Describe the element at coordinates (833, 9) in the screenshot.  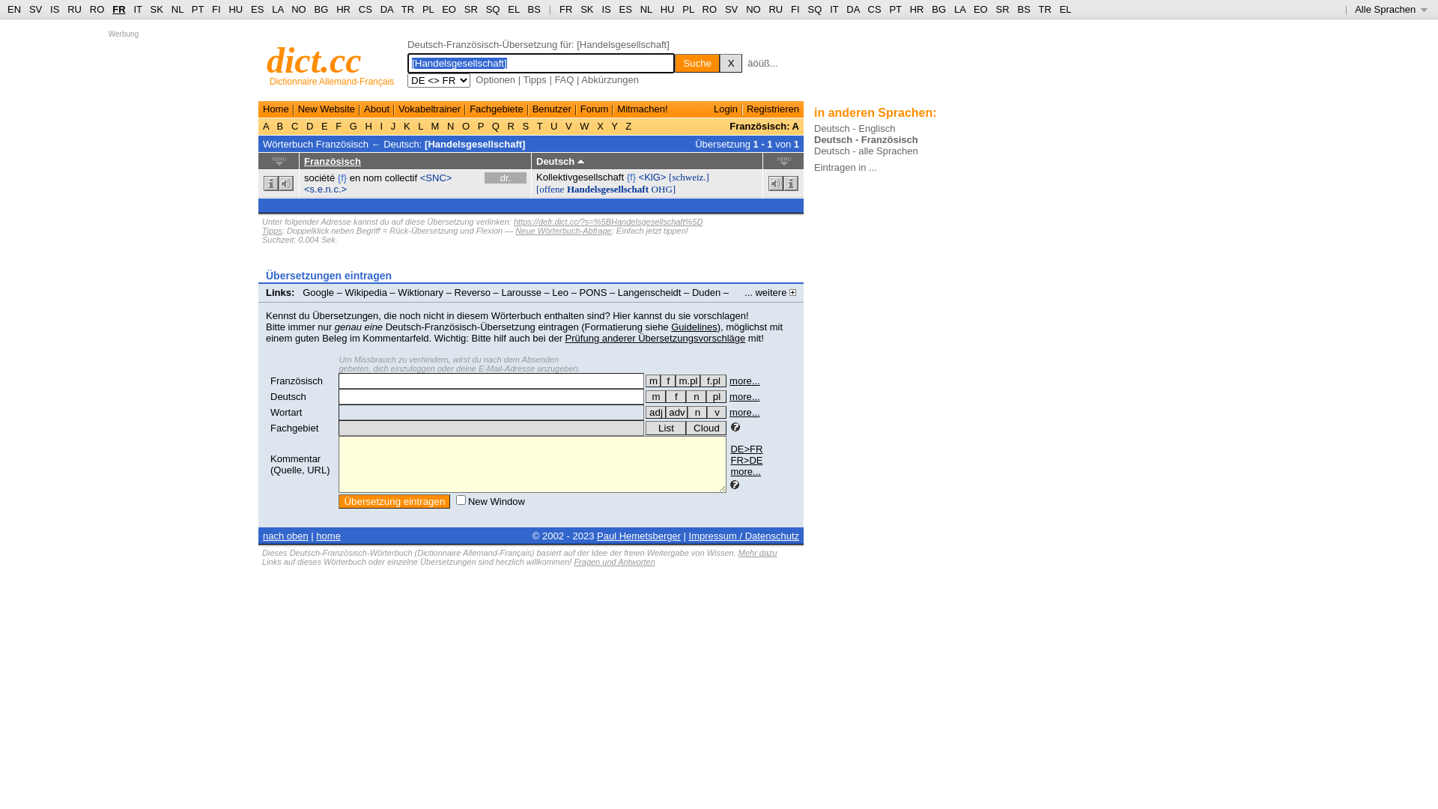
I see `'IT'` at that location.